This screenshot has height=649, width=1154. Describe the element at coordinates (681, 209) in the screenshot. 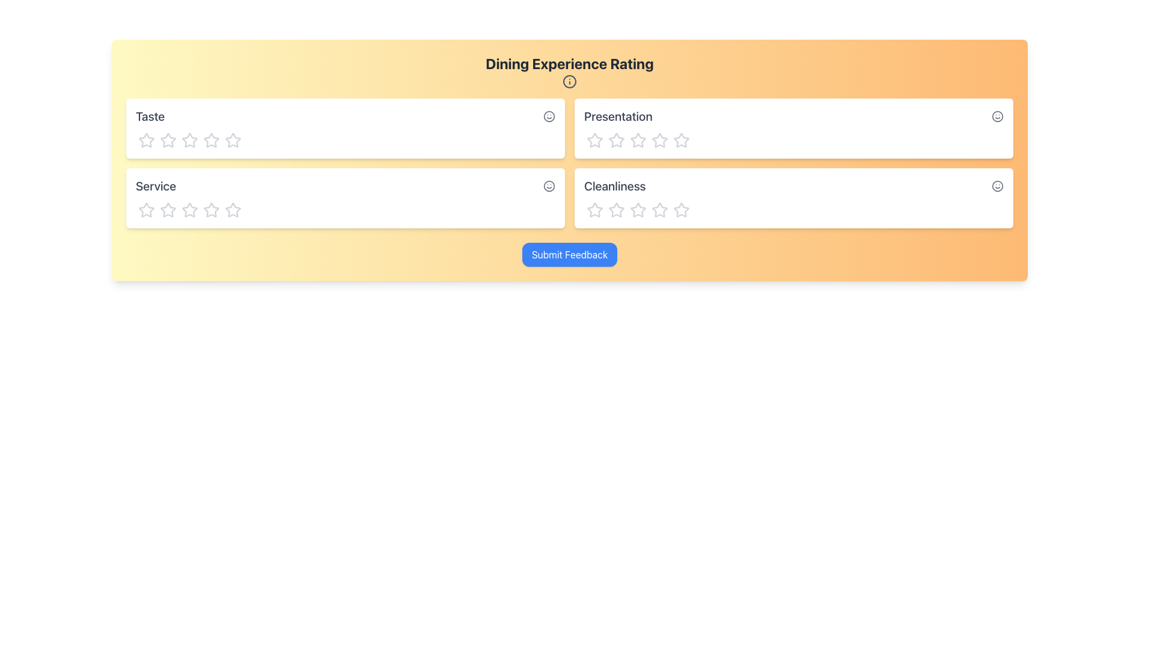

I see `the fourth star icon in the rating system` at that location.